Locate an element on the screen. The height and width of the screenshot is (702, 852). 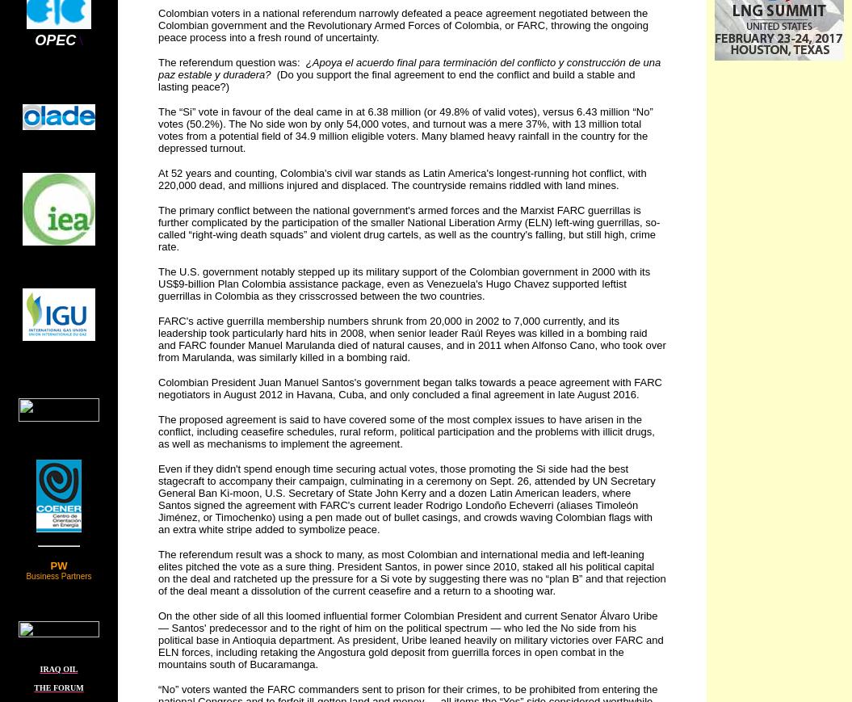
'Colombian voters in a national referendum narrowly defeated a peace agreement negotiated between the Colombian government and the Revolutionary Armed Forces of Colombia, or FARC, throwing the ongoing peace process into a fresh round of uncertainty.' is located at coordinates (157, 24).